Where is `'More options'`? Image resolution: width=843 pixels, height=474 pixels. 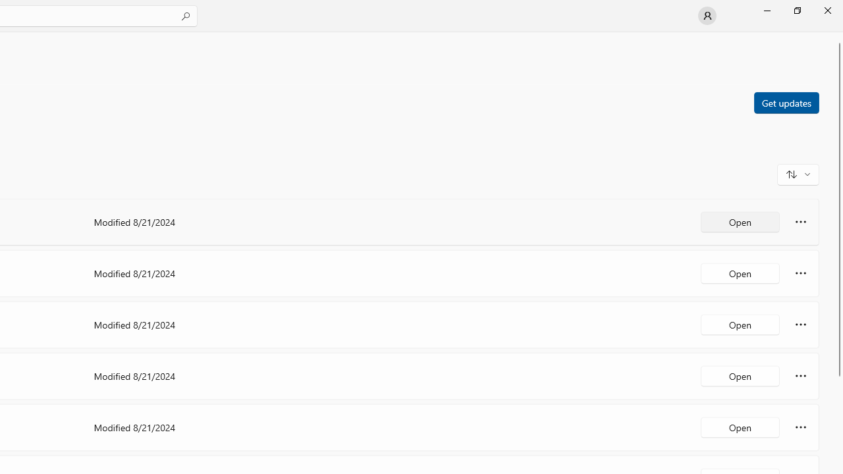 'More options' is located at coordinates (800, 427).